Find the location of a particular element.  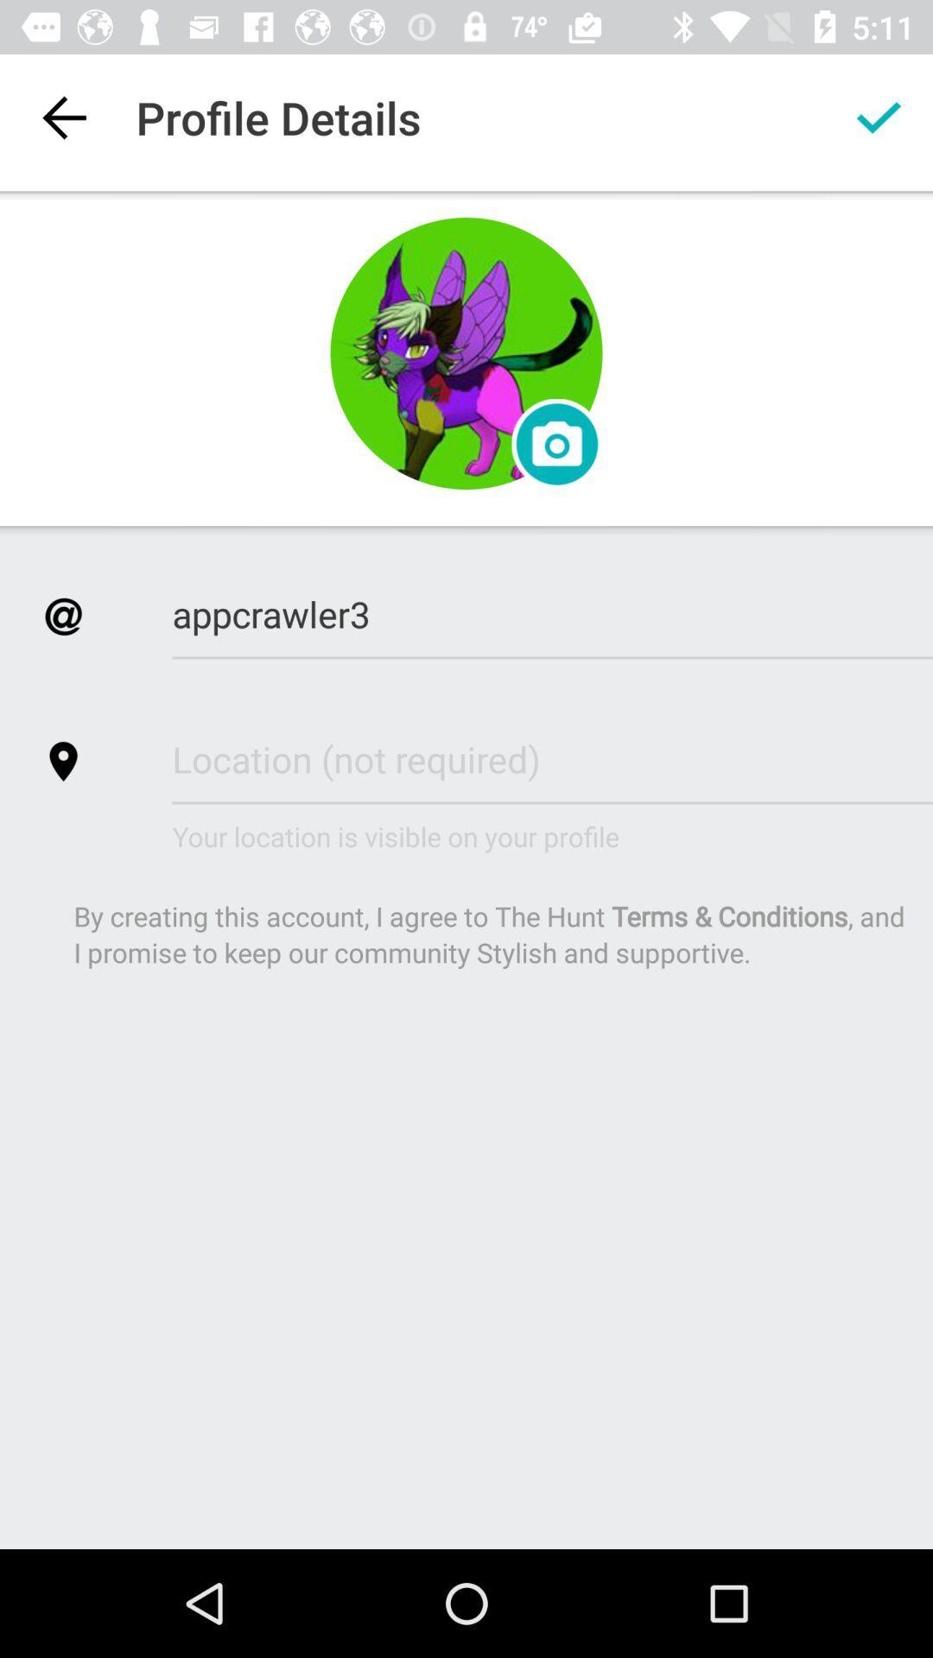

profile avatar edit button is located at coordinates (466, 352).